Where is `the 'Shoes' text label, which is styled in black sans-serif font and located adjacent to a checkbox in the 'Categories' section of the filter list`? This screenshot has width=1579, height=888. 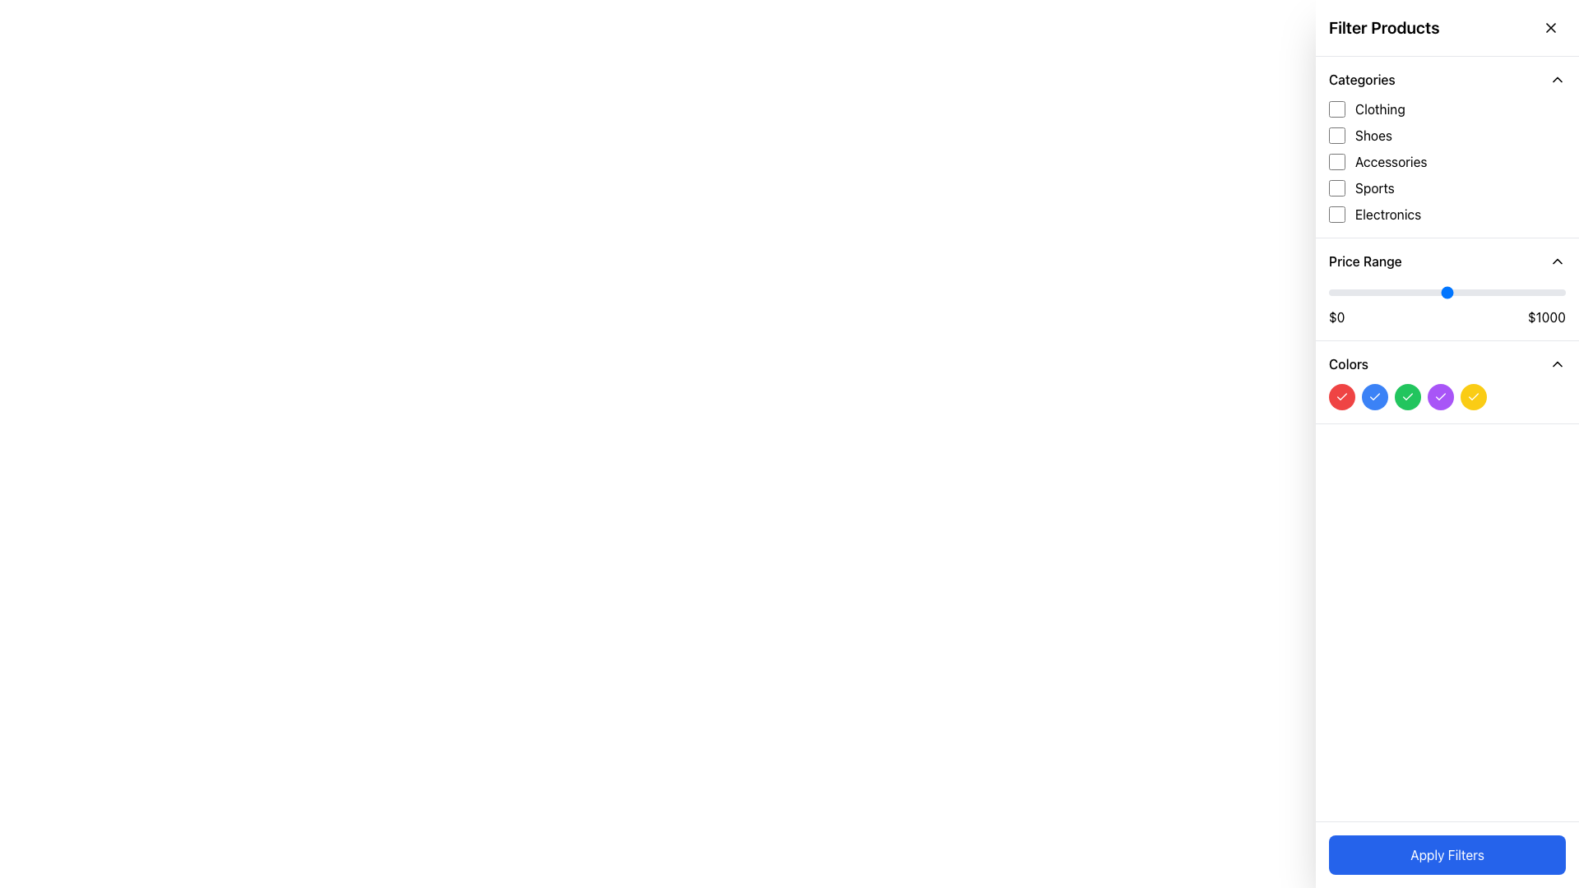
the 'Shoes' text label, which is styled in black sans-serif font and located adjacent to a checkbox in the 'Categories' section of the filter list is located at coordinates (1373, 135).